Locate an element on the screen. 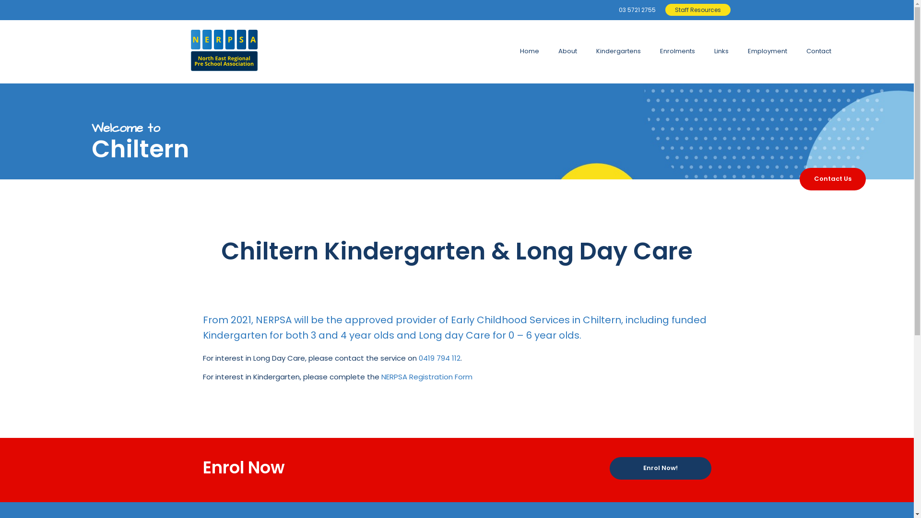 This screenshot has height=518, width=921. 'About' is located at coordinates (567, 51).